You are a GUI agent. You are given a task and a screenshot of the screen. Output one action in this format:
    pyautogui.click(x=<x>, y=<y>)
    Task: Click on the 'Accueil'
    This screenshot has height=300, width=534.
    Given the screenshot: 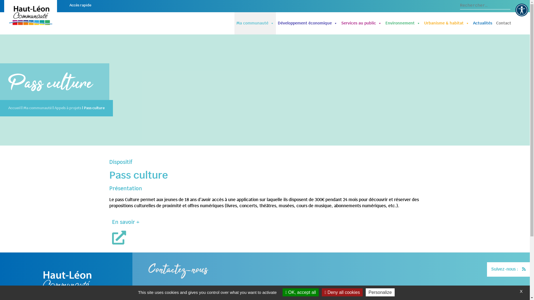 What is the action you would take?
    pyautogui.click(x=14, y=108)
    